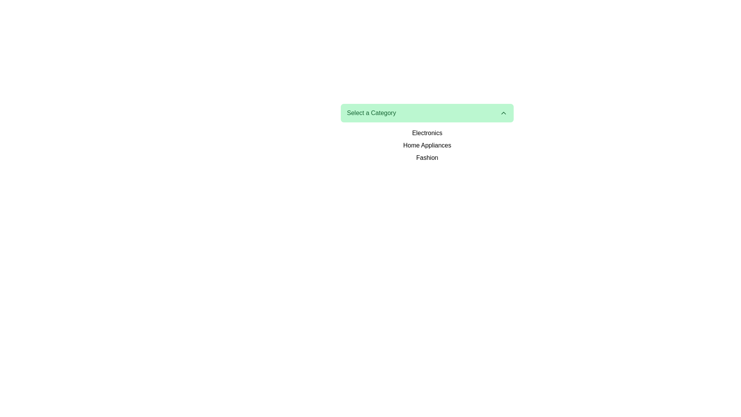 The image size is (741, 417). Describe the element at coordinates (427, 132) in the screenshot. I see `the 'Electronics' dropdown option` at that location.